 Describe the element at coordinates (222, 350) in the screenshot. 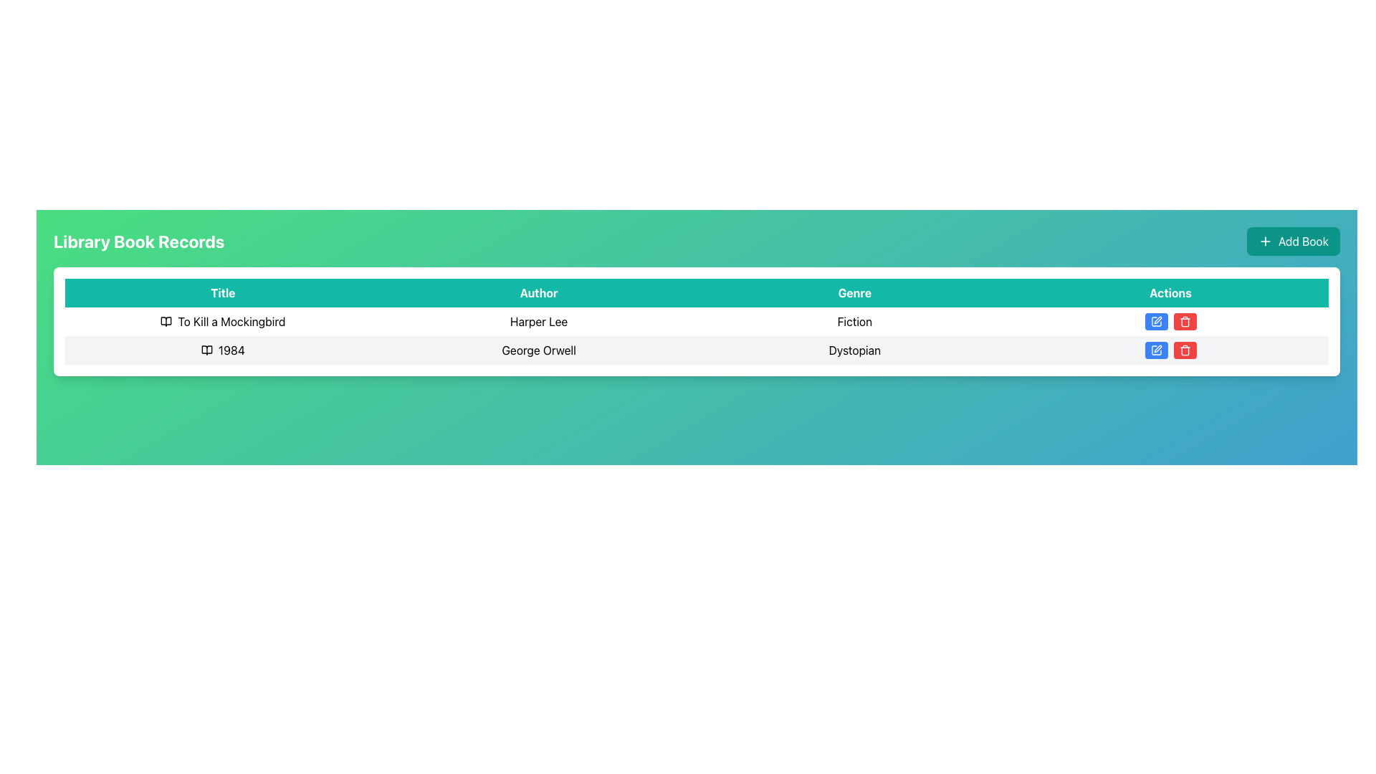

I see `the text label indicating the title of the book '1984' located in the second row of the table under the 'Title' column to interact with associated components` at that location.